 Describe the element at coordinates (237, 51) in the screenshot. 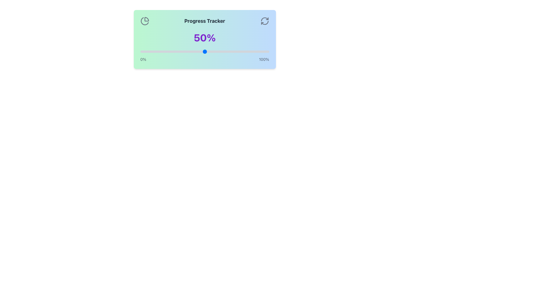

I see `the progress tracker value` at that location.